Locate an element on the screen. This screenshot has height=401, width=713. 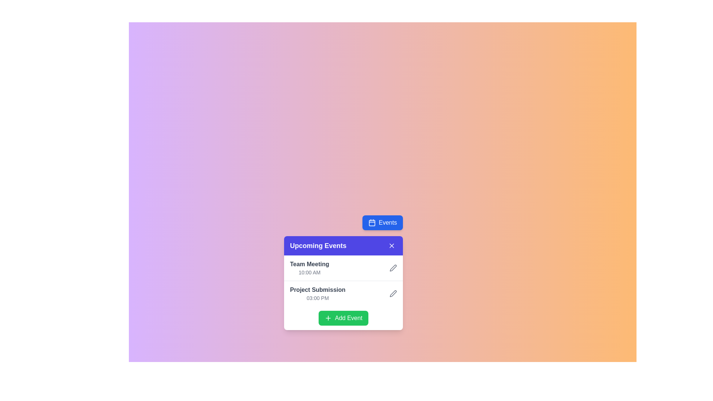
the first list item in the 'Upcoming Events' card is located at coordinates (343, 268).